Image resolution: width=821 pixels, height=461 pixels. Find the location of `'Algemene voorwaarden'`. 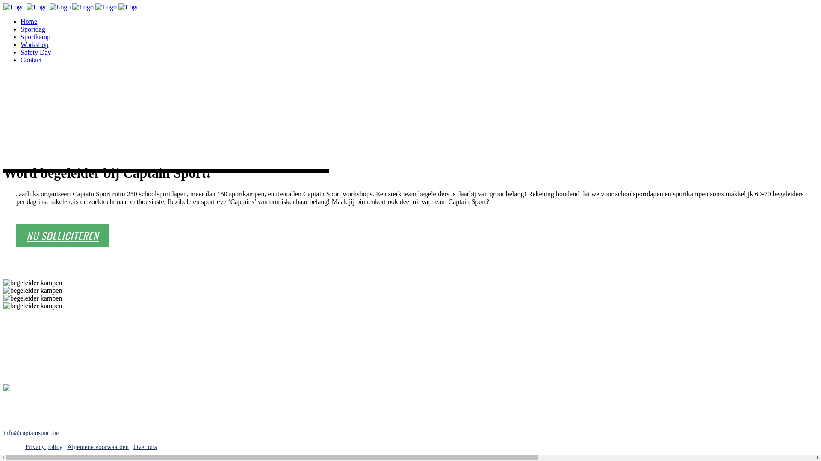

'Algemene voorwaarden' is located at coordinates (98, 446).